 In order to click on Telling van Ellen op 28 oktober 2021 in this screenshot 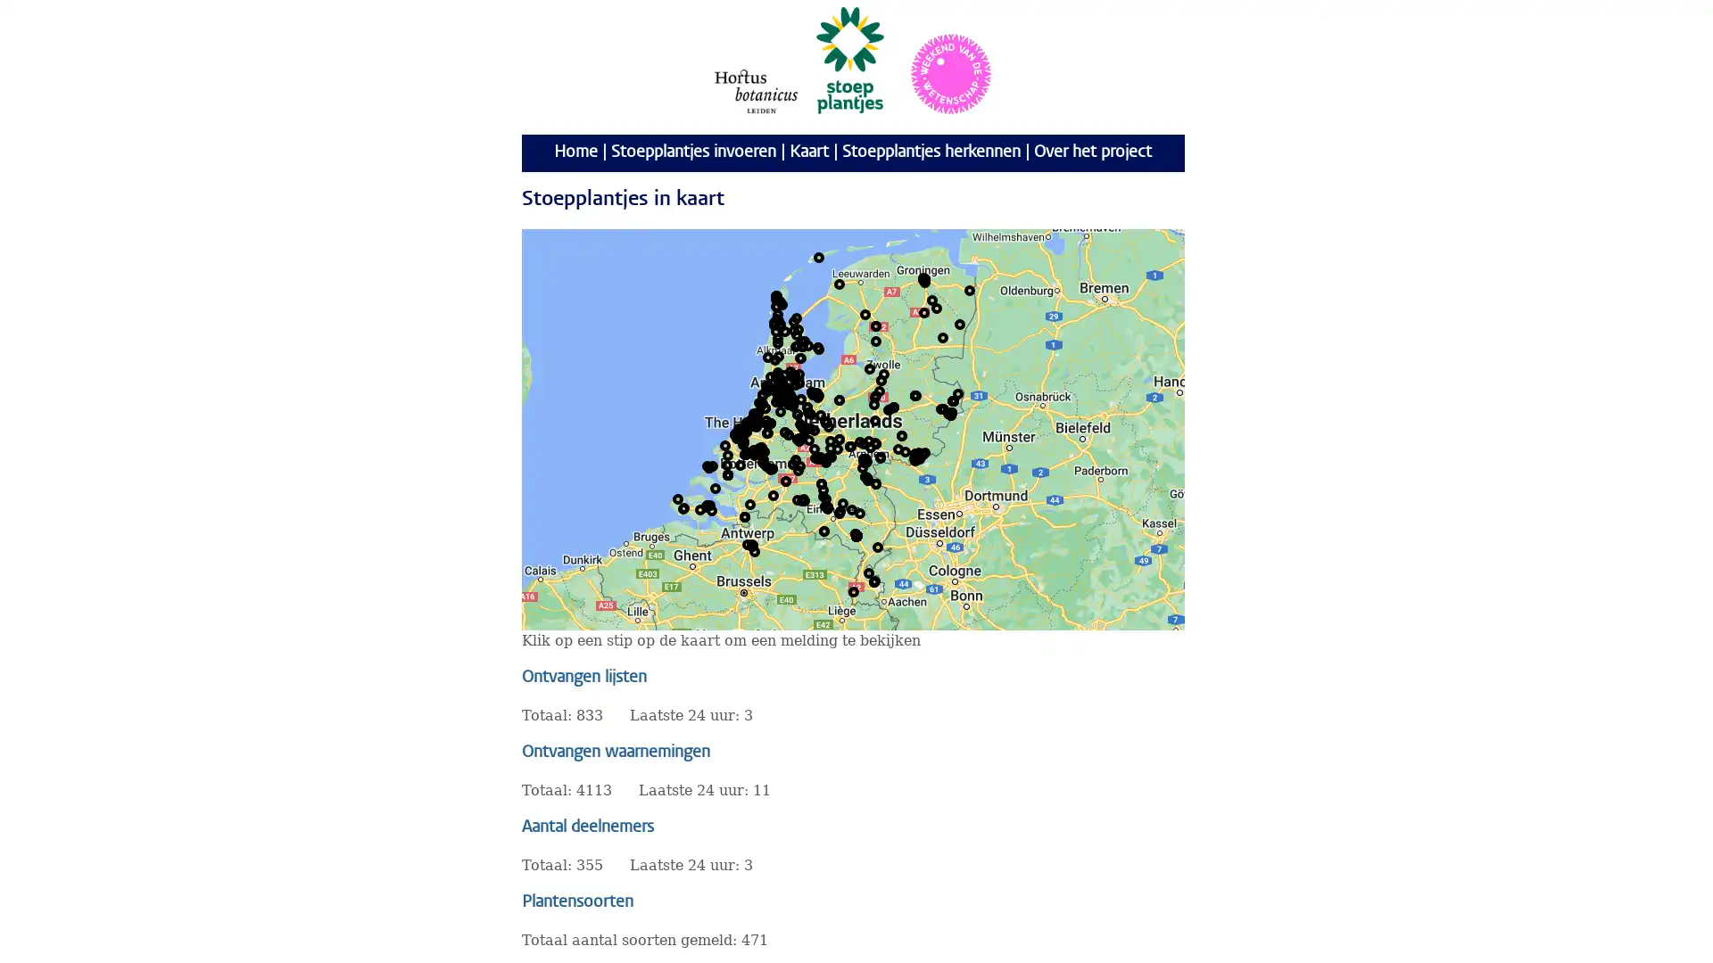, I will do `click(752, 542)`.